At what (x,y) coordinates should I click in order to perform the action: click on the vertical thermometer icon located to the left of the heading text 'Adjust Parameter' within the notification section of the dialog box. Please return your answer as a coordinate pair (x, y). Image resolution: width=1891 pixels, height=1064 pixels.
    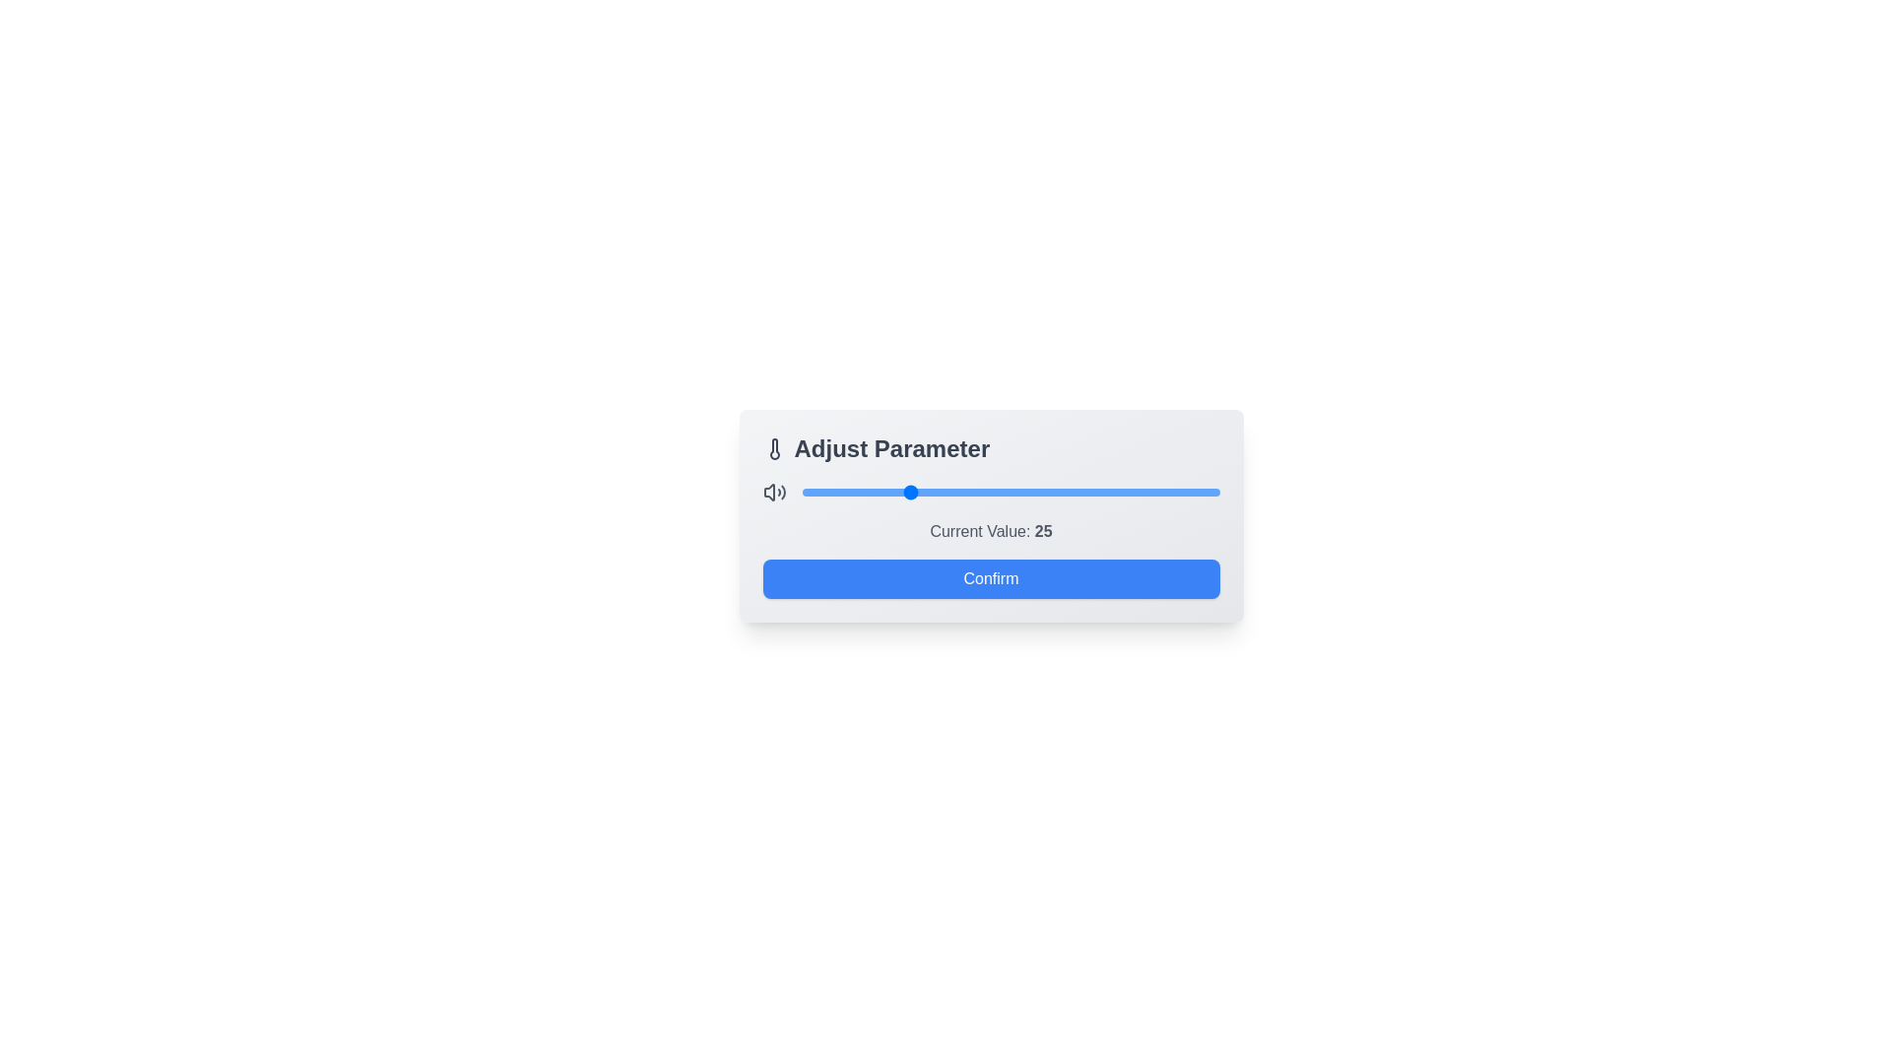
    Looking at the image, I should click on (773, 448).